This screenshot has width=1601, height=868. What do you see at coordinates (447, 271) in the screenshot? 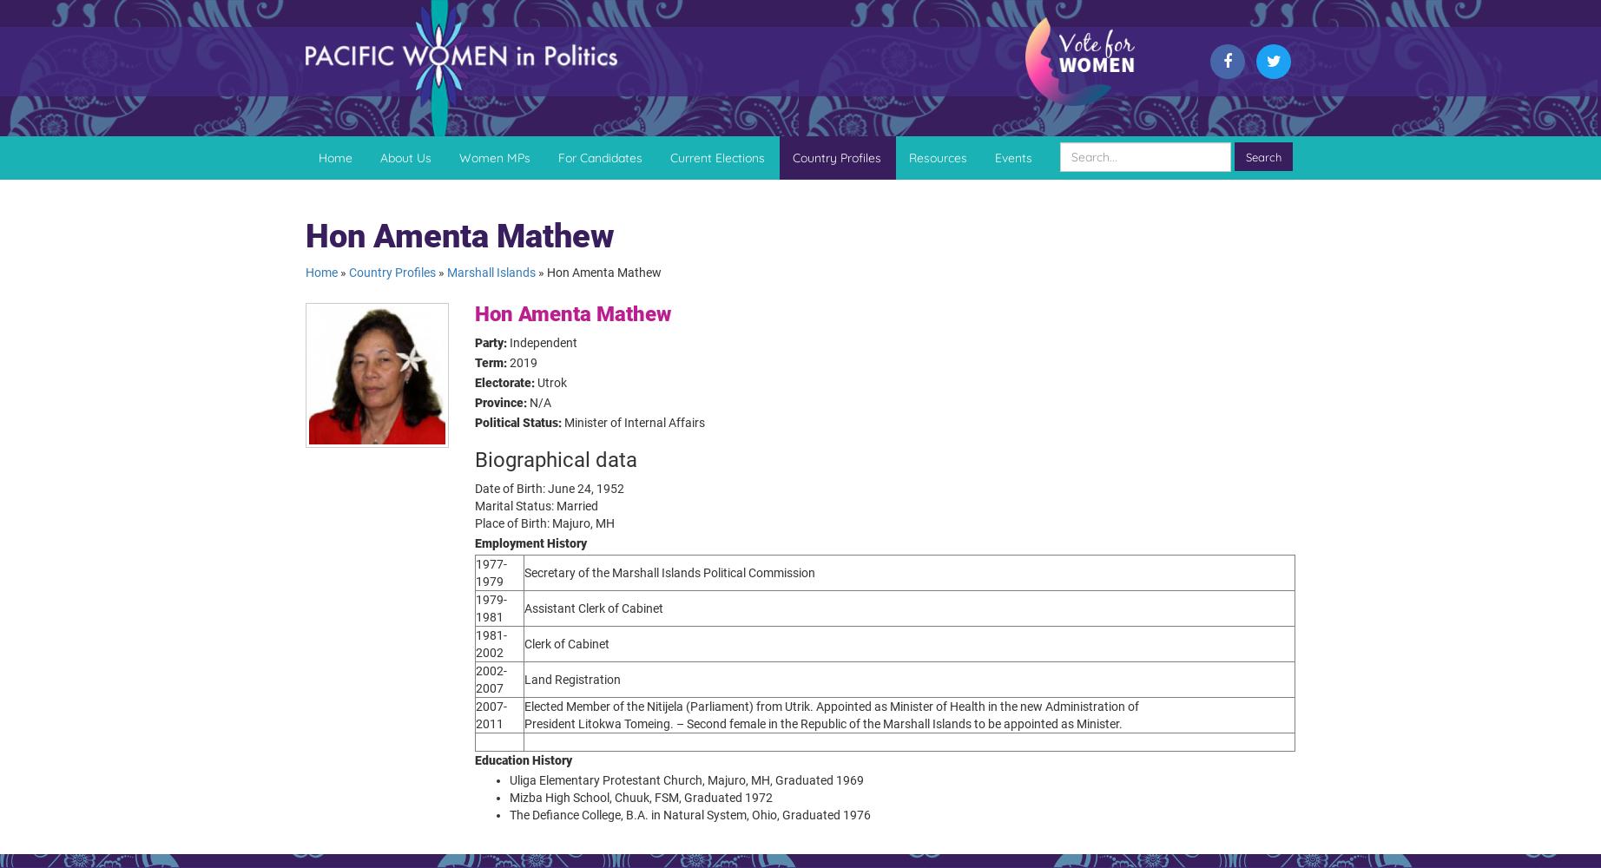
I see `'Marshall Islands'` at bounding box center [447, 271].